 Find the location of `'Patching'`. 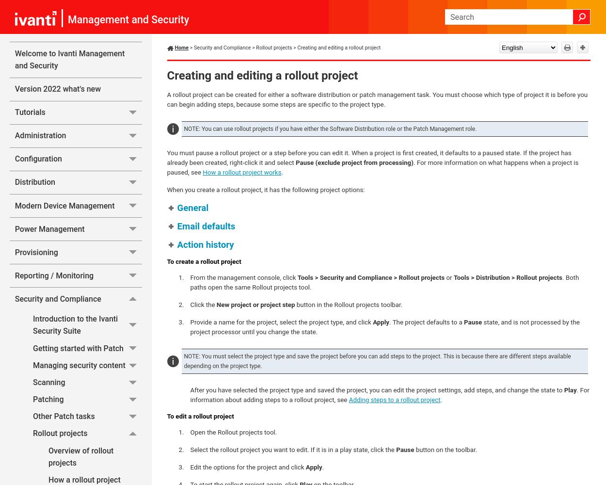

'Patching' is located at coordinates (48, 399).